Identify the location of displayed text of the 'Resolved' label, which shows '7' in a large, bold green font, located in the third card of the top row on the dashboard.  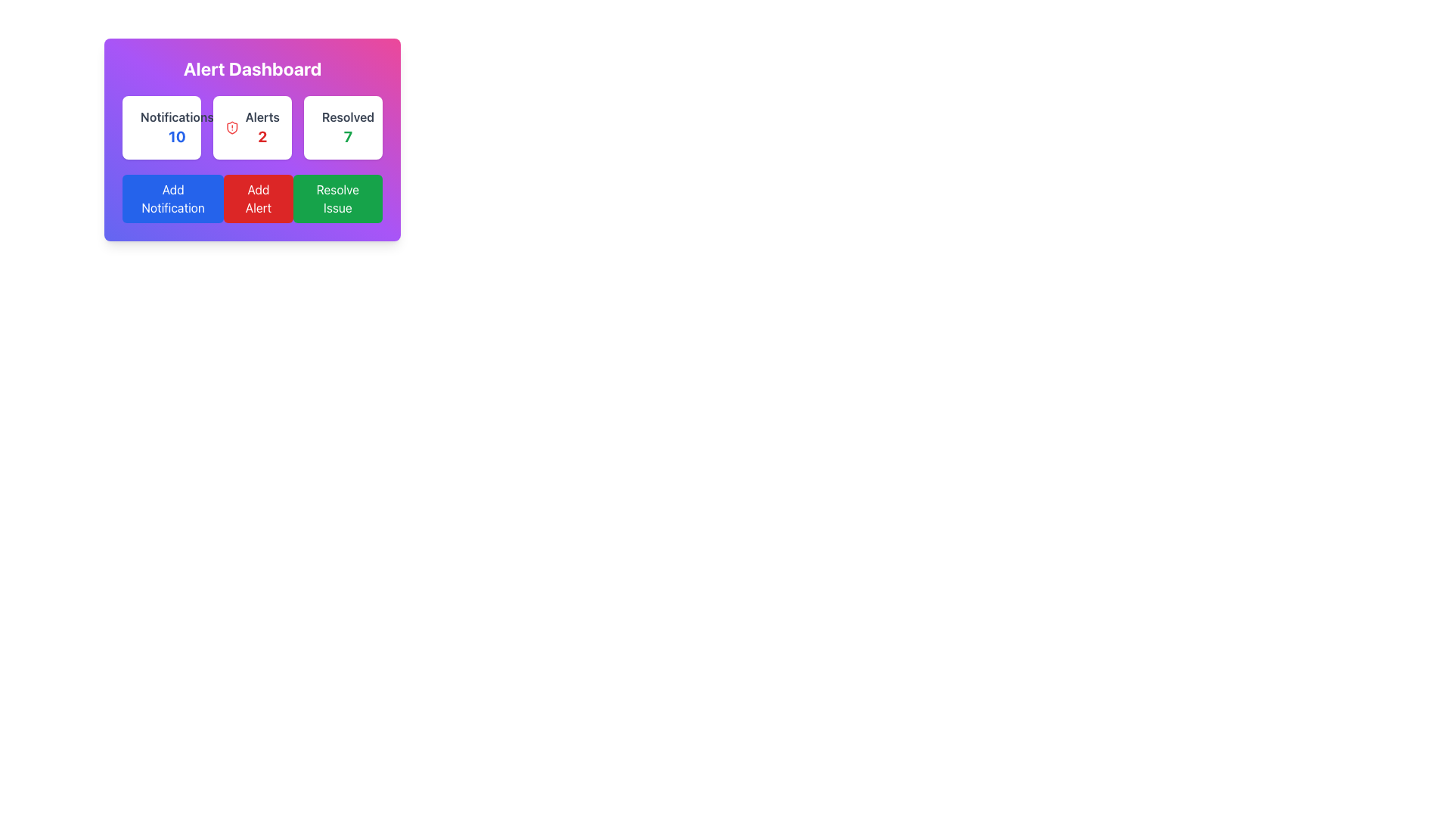
(347, 127).